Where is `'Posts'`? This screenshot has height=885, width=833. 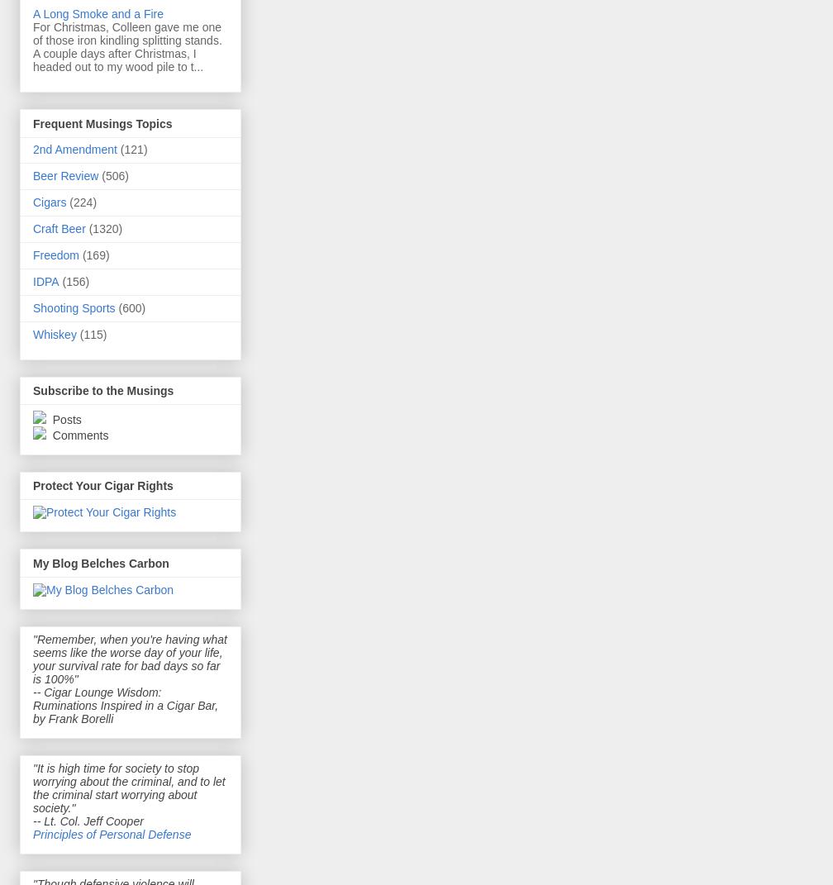 'Posts' is located at coordinates (64, 418).